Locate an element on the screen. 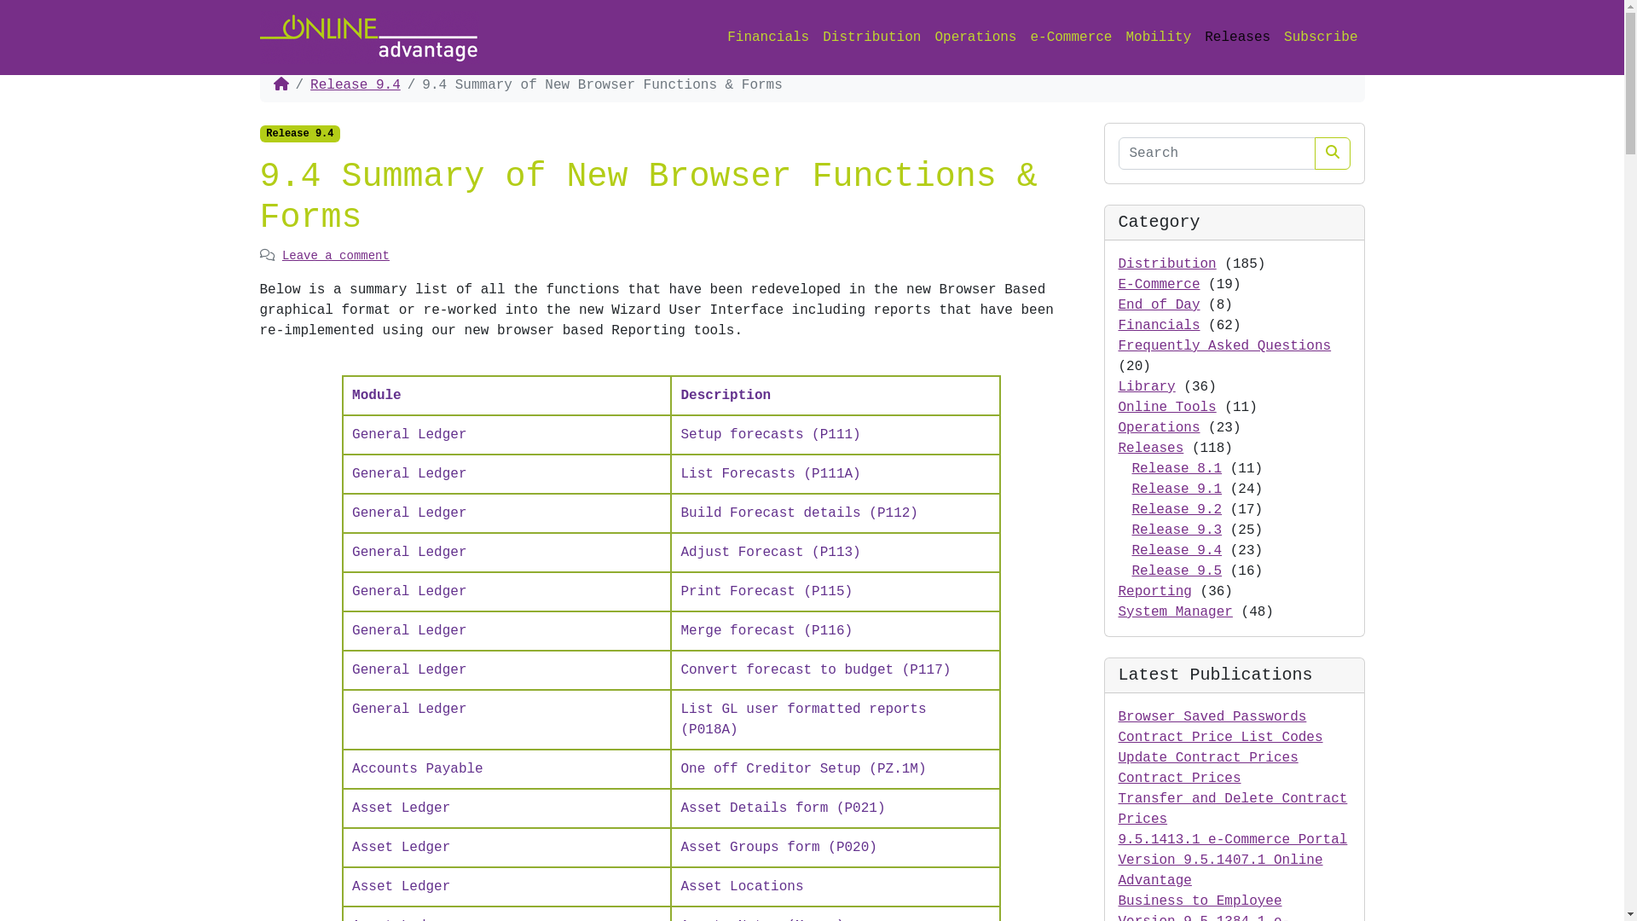 The height and width of the screenshot is (921, 1637). 'E-Commerce' is located at coordinates (1159, 284).